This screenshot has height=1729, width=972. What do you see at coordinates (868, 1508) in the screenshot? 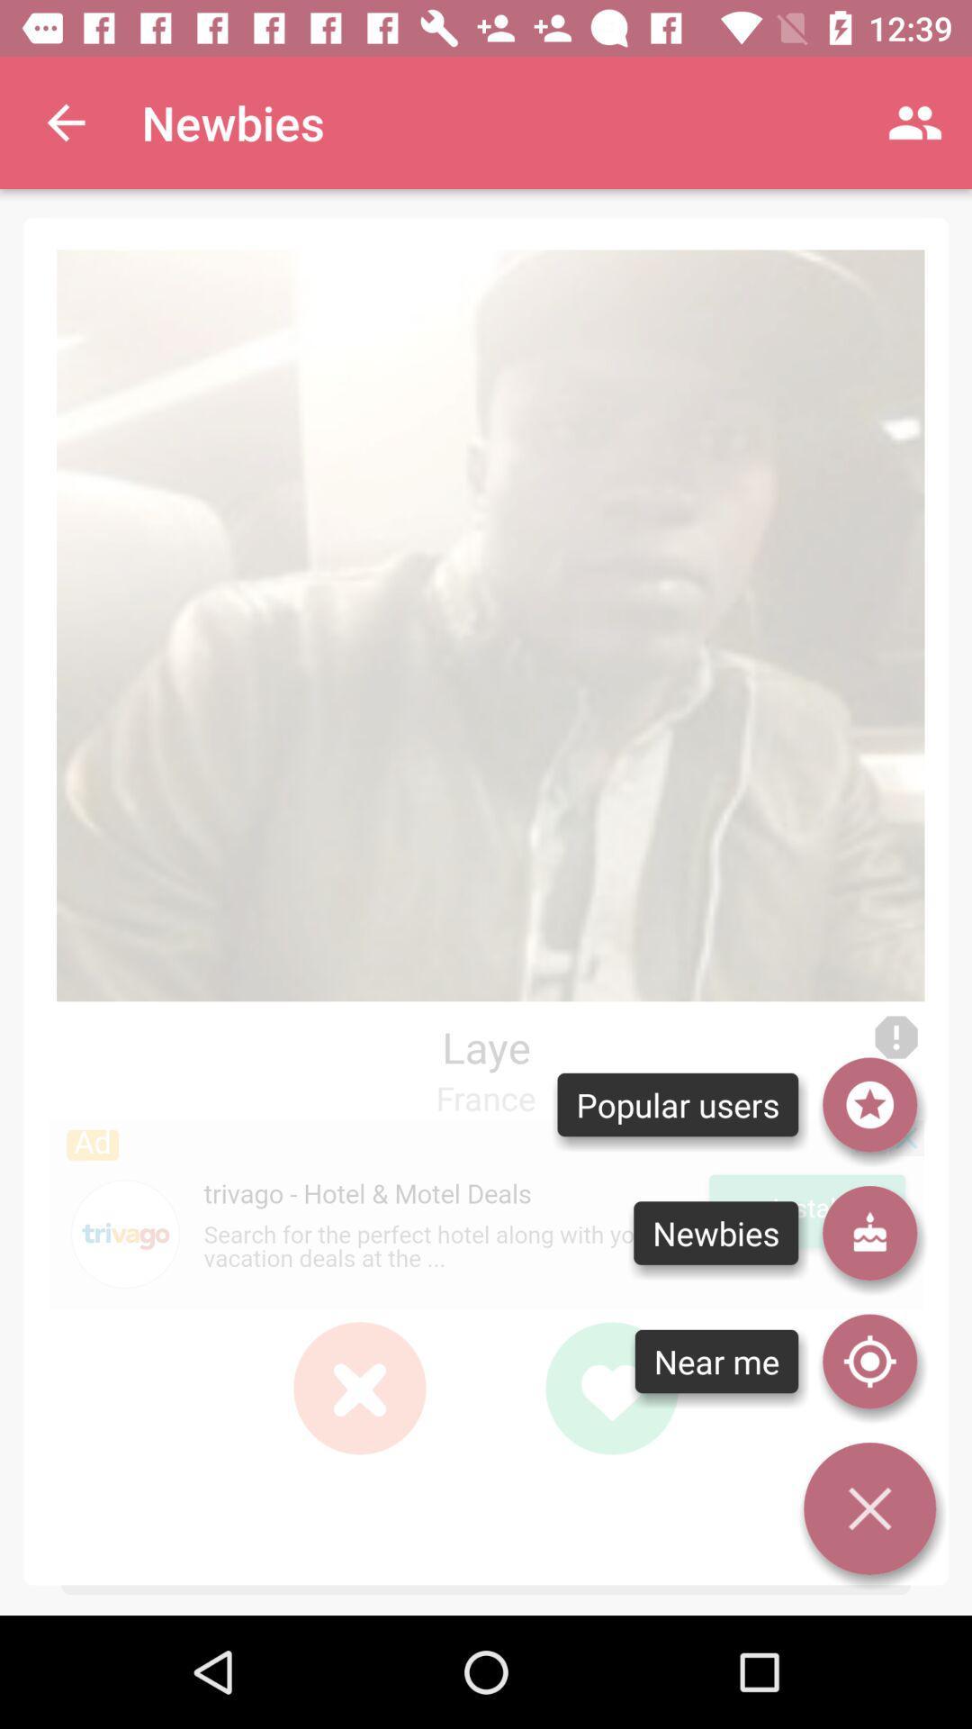
I see `the close icon` at bounding box center [868, 1508].